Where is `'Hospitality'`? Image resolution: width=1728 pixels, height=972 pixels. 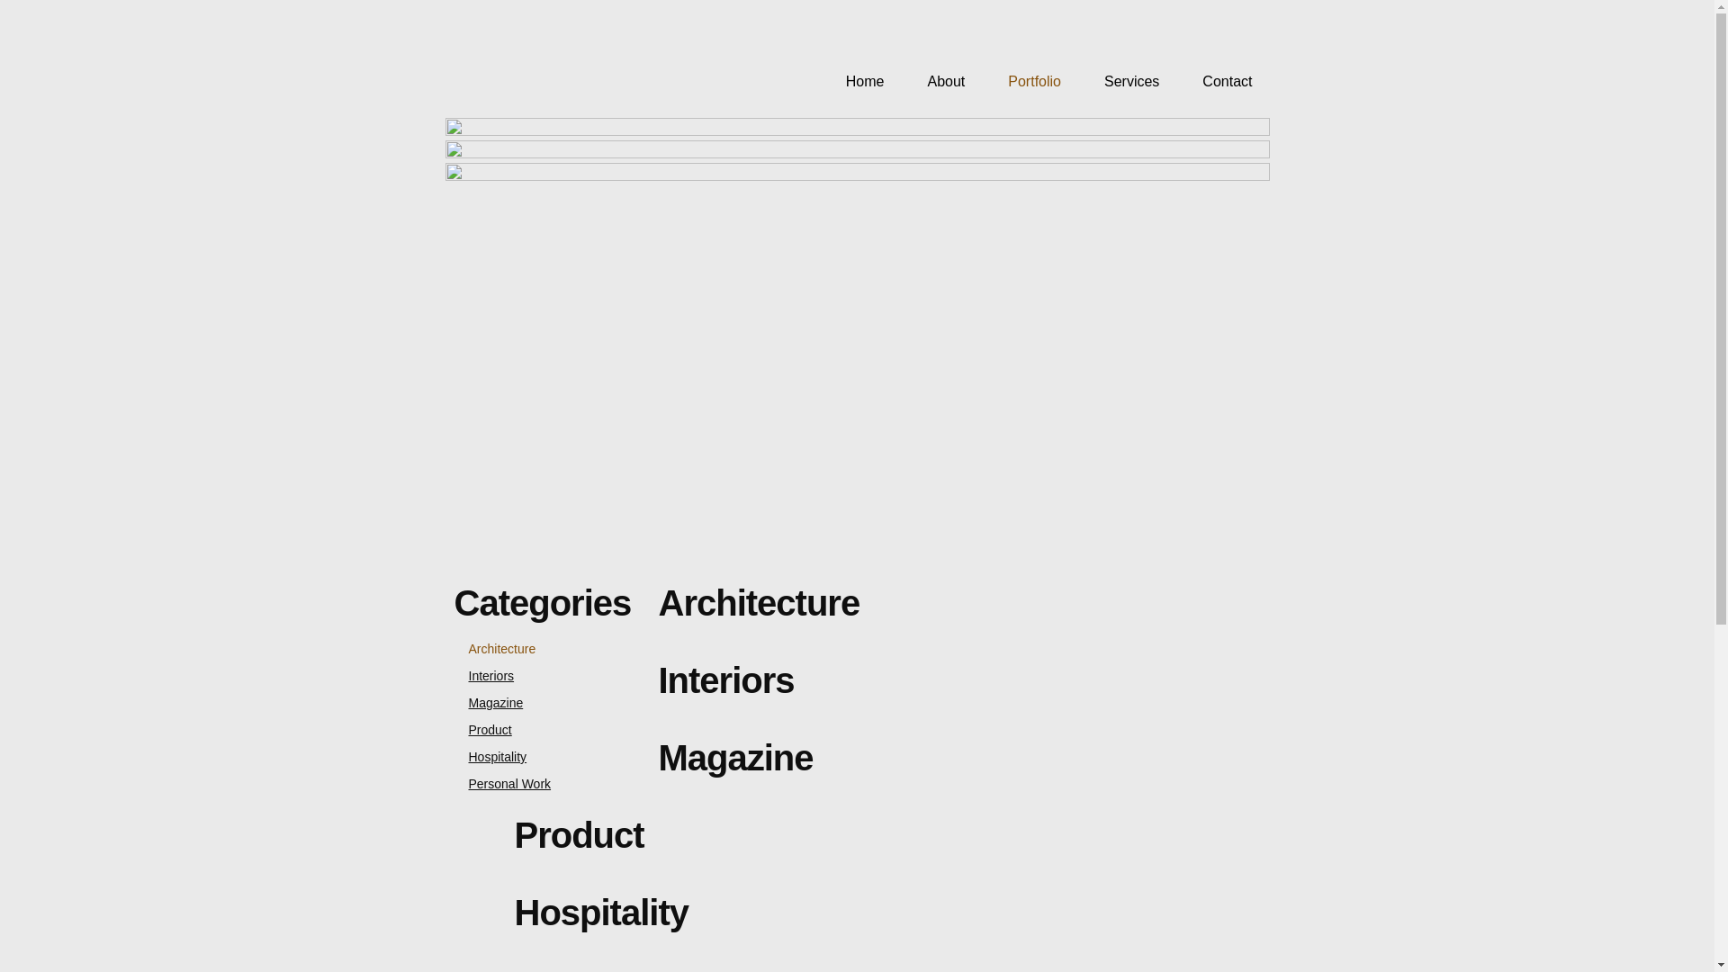
'Hospitality' is located at coordinates (490, 756).